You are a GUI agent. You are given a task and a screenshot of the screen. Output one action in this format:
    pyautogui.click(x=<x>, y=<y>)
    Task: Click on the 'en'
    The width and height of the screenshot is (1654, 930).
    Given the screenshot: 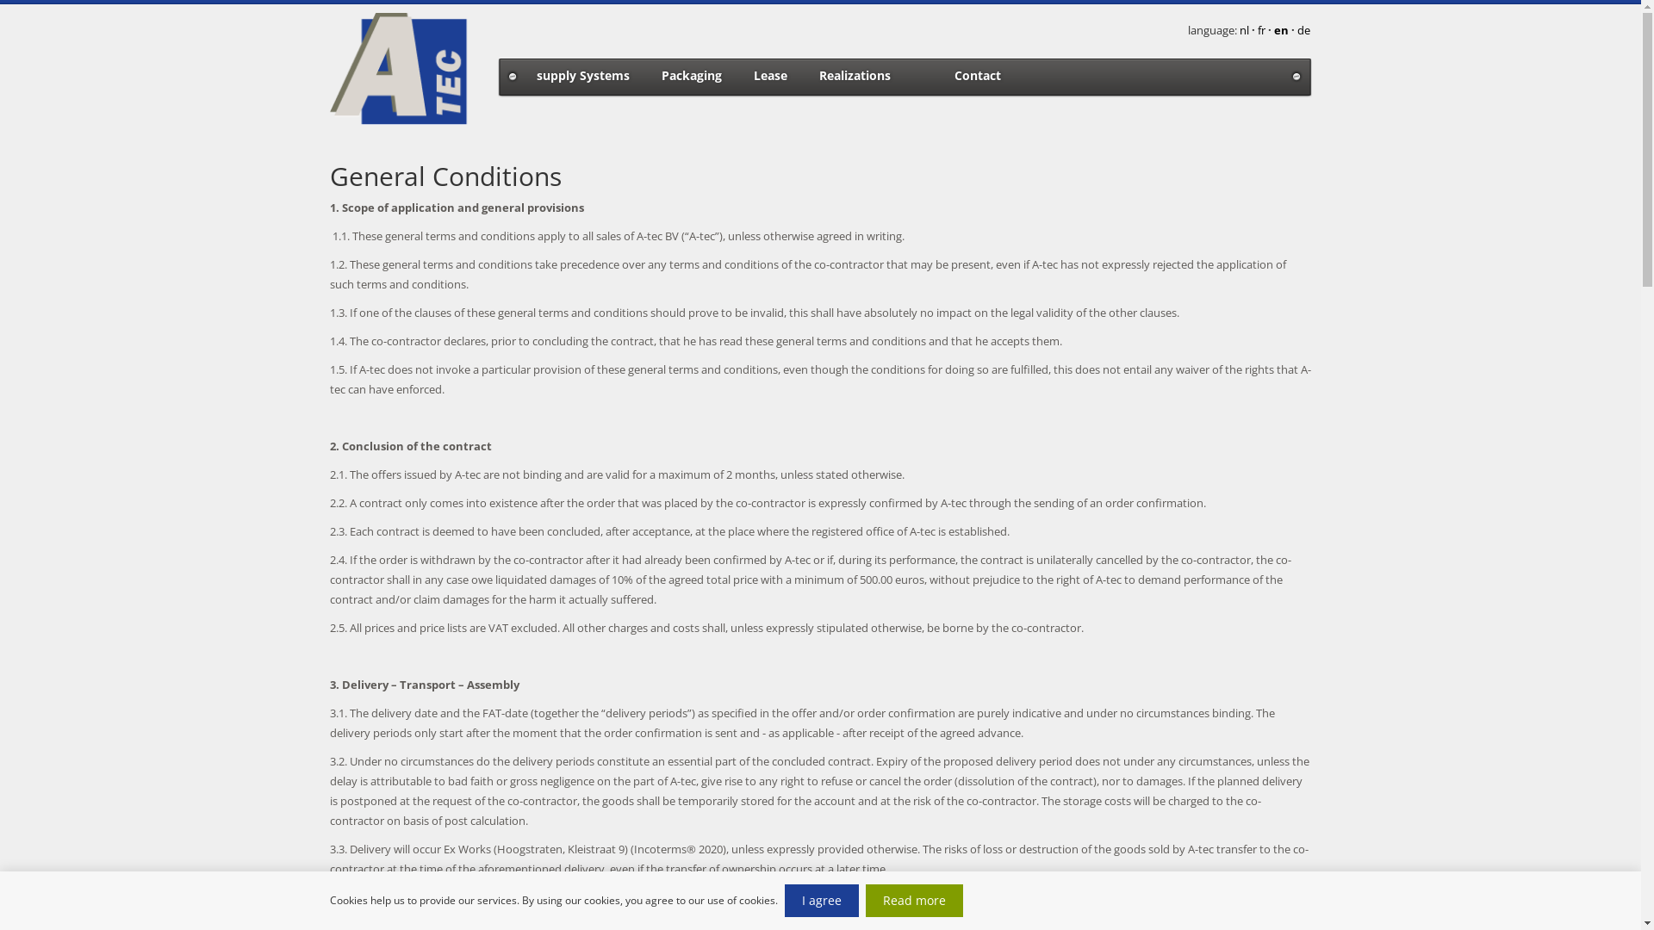 What is the action you would take?
    pyautogui.click(x=1273, y=29)
    